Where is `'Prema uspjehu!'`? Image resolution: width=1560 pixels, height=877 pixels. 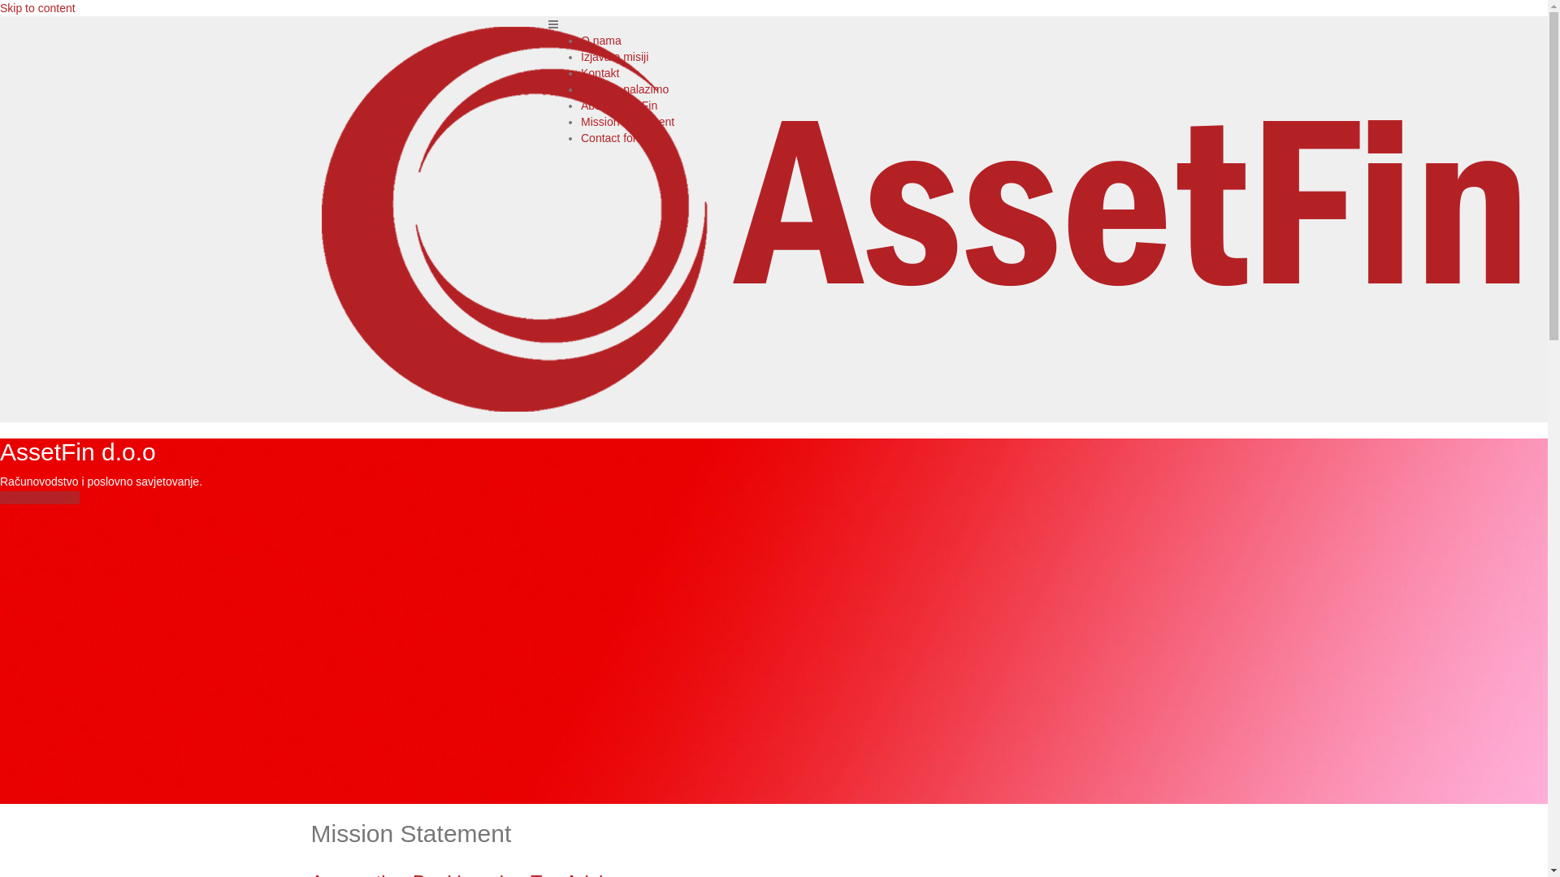
'Prema uspjehu!' is located at coordinates (39, 497).